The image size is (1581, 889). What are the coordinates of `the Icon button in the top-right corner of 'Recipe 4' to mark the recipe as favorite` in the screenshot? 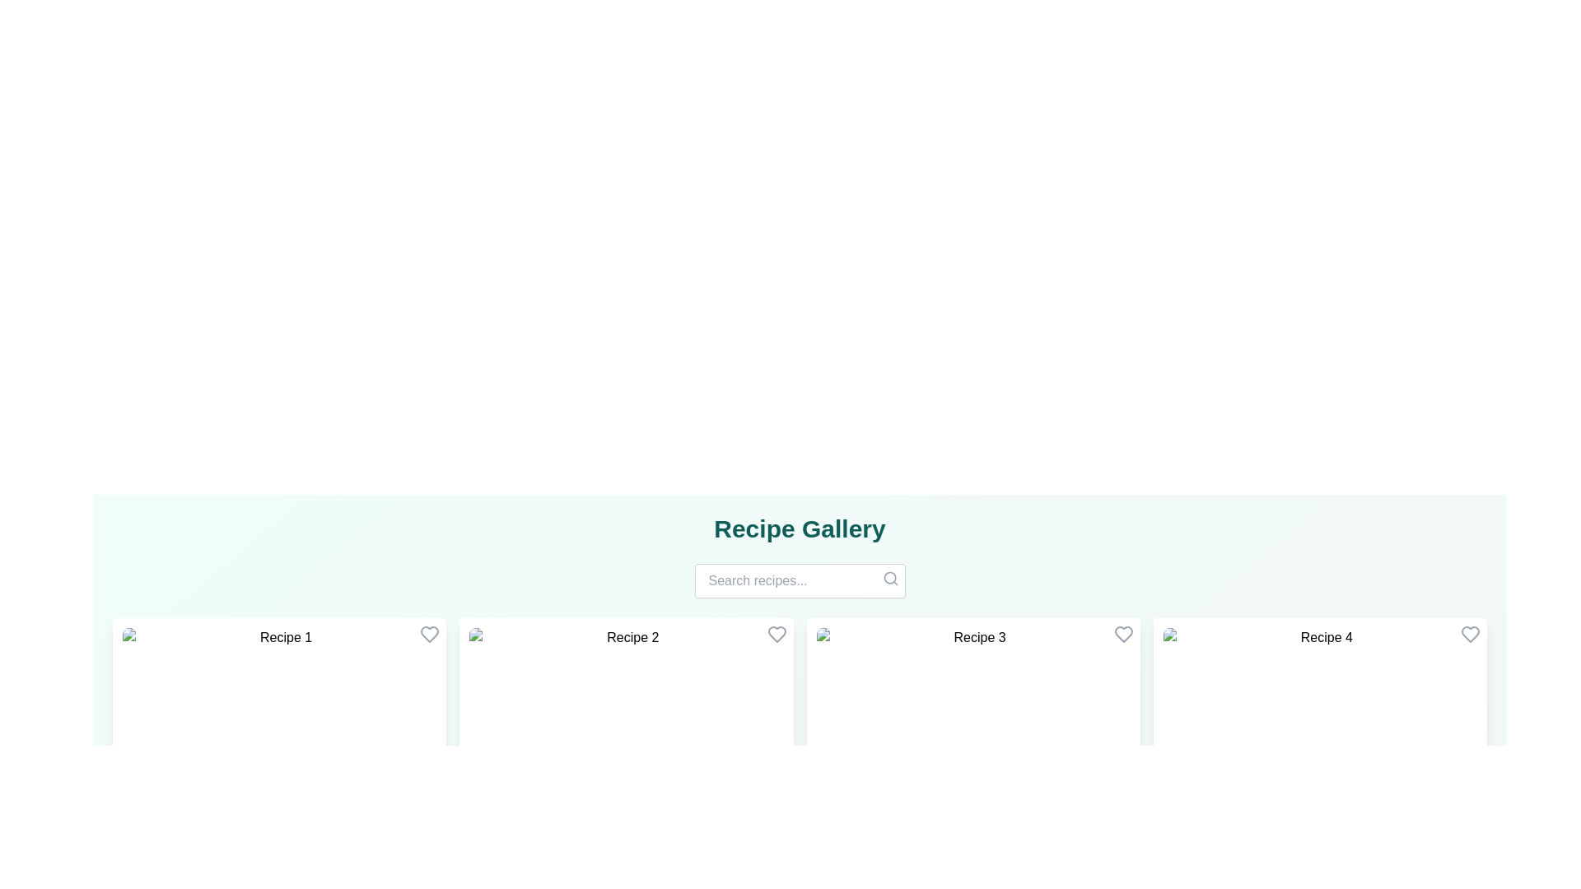 It's located at (1470, 634).